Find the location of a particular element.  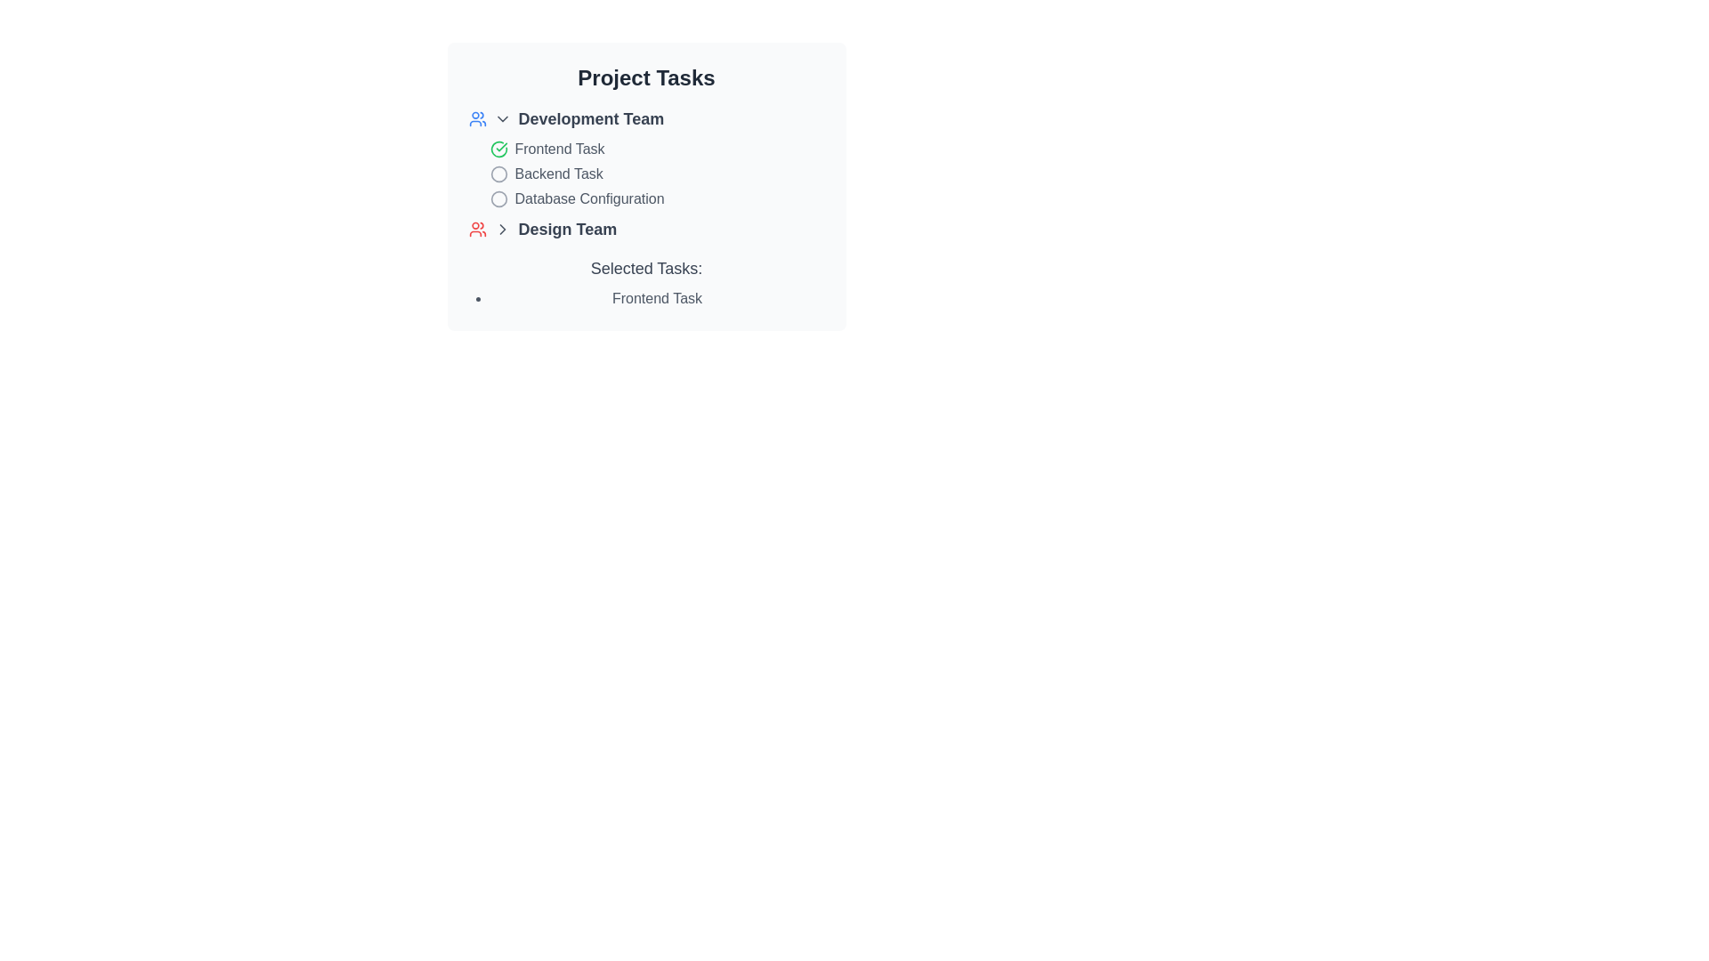

the SVG circle element located in the 'Development Team' area, aligned with the 'Database Configuration' text is located at coordinates (498, 198).